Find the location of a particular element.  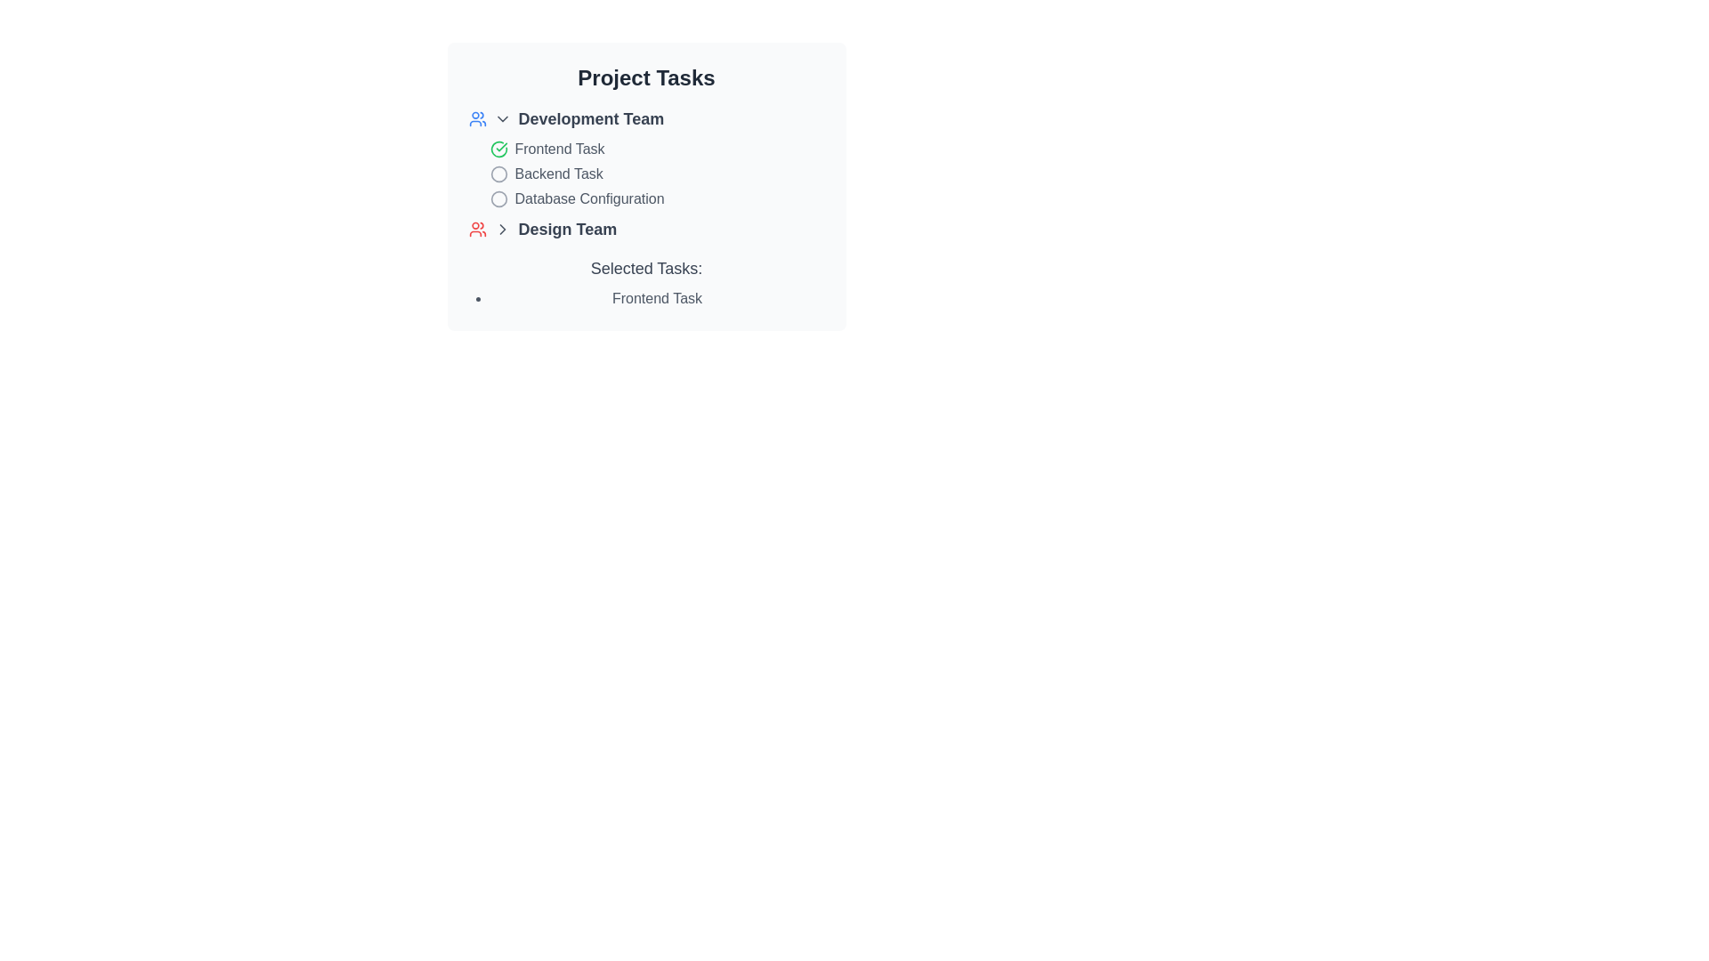

the SVG circle element located in the 'Development Team' area, aligned with the 'Database Configuration' text is located at coordinates (498, 198).